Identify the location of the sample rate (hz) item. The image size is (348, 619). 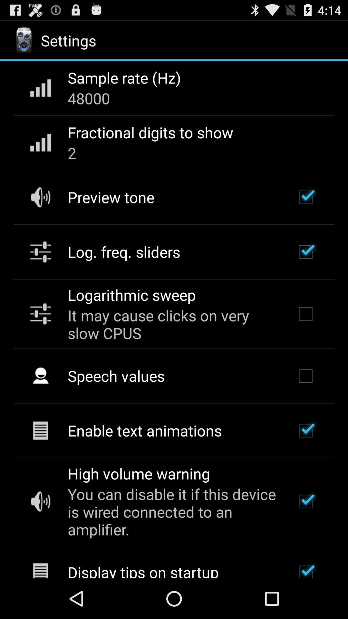
(124, 77).